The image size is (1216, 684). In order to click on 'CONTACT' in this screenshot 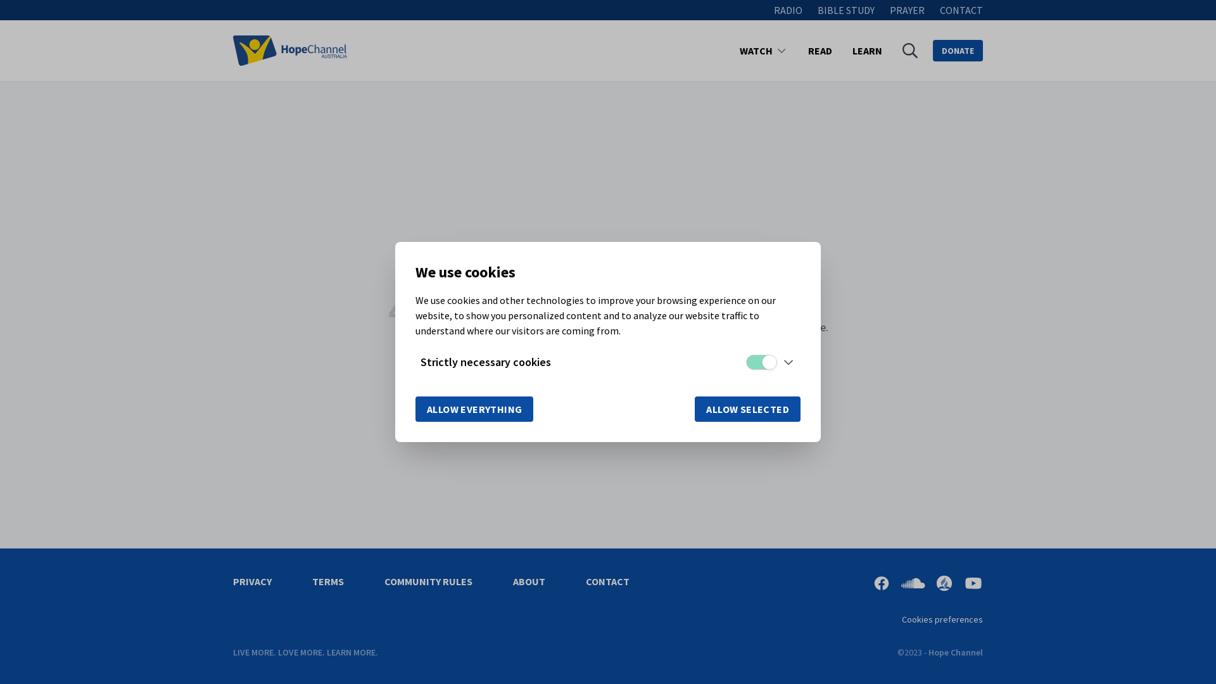, I will do `click(961, 9)`.